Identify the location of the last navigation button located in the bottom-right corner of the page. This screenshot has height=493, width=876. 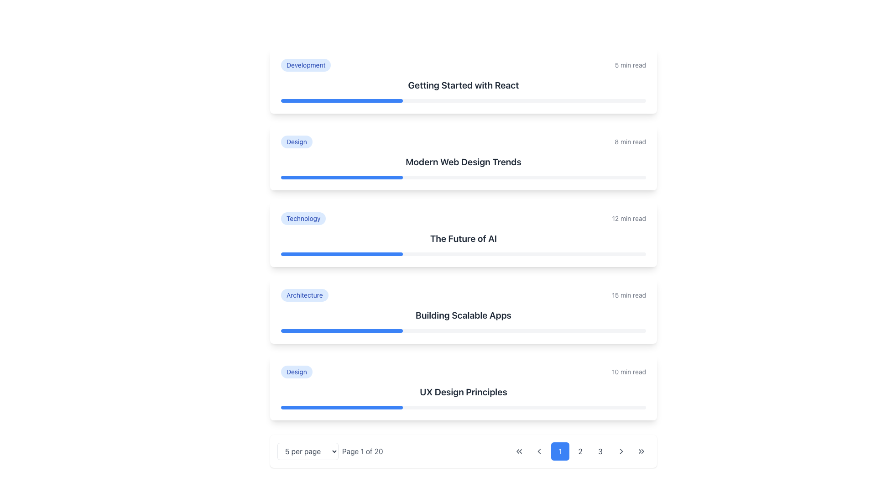
(641, 451).